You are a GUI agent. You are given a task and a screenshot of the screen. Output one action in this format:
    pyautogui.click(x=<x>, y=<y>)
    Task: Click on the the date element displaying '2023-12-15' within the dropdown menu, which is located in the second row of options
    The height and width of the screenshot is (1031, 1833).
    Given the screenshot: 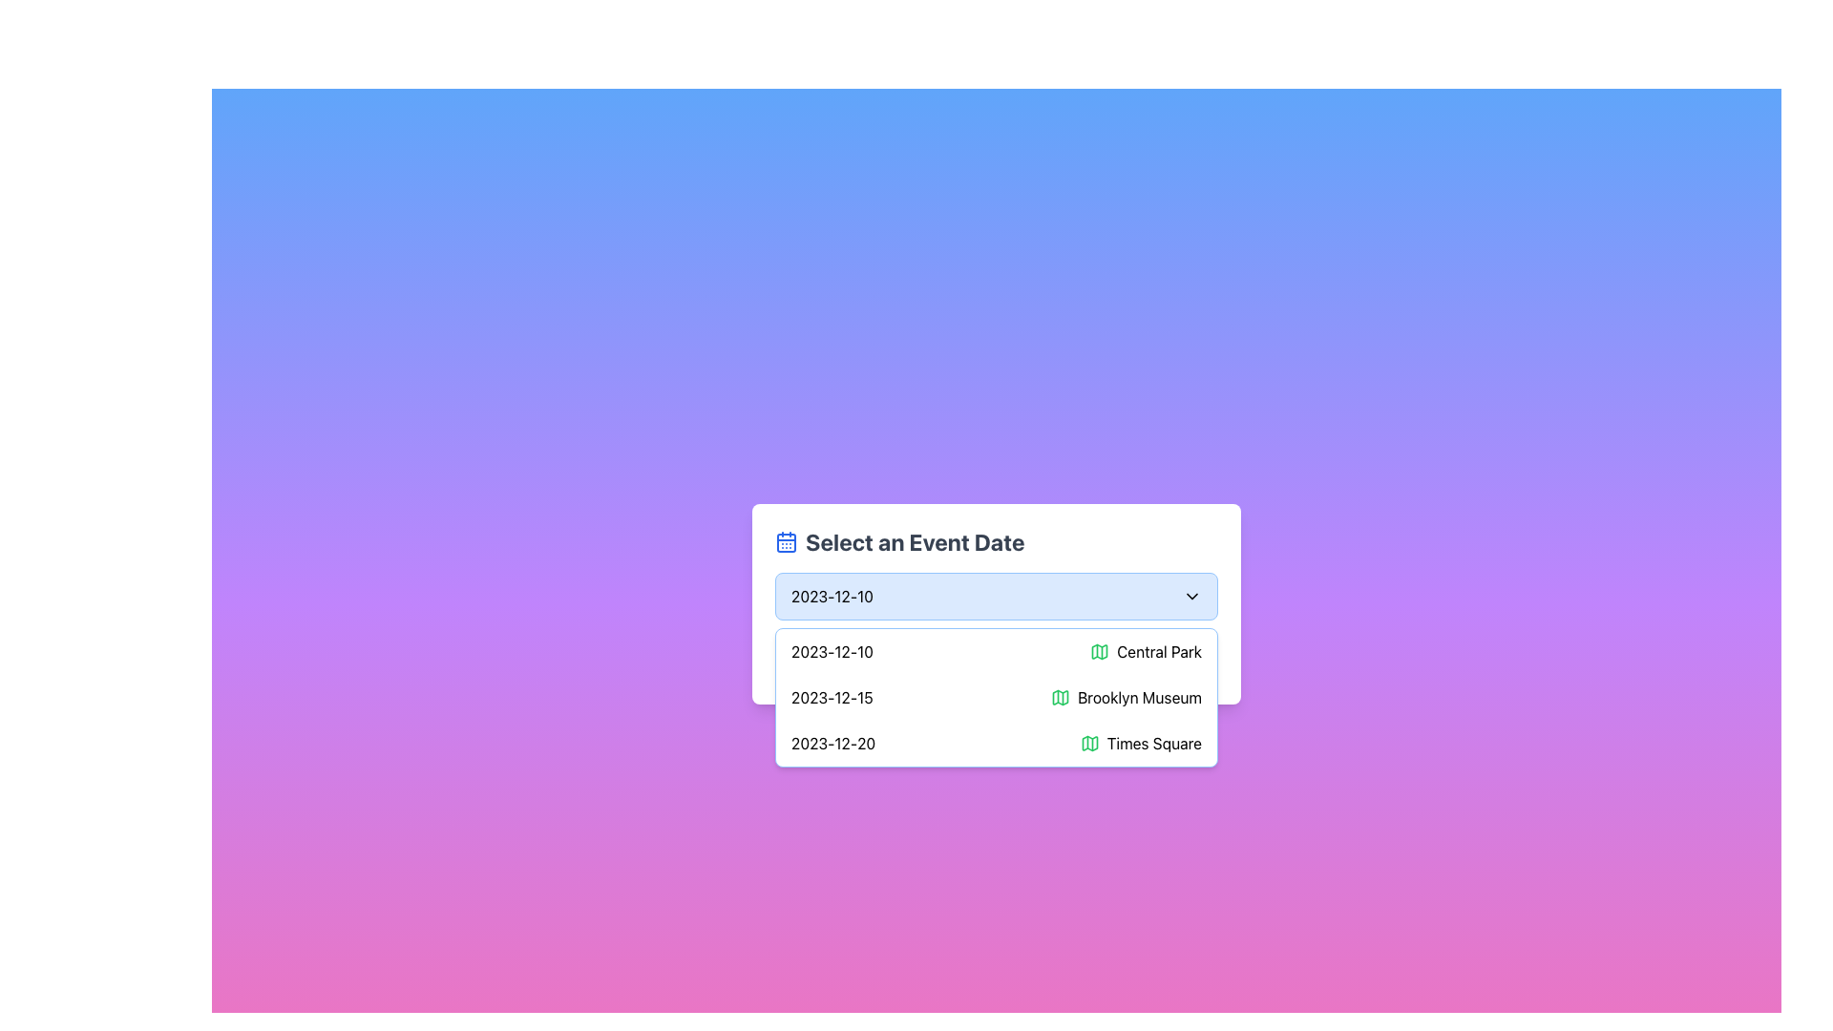 What is the action you would take?
    pyautogui.click(x=832, y=698)
    